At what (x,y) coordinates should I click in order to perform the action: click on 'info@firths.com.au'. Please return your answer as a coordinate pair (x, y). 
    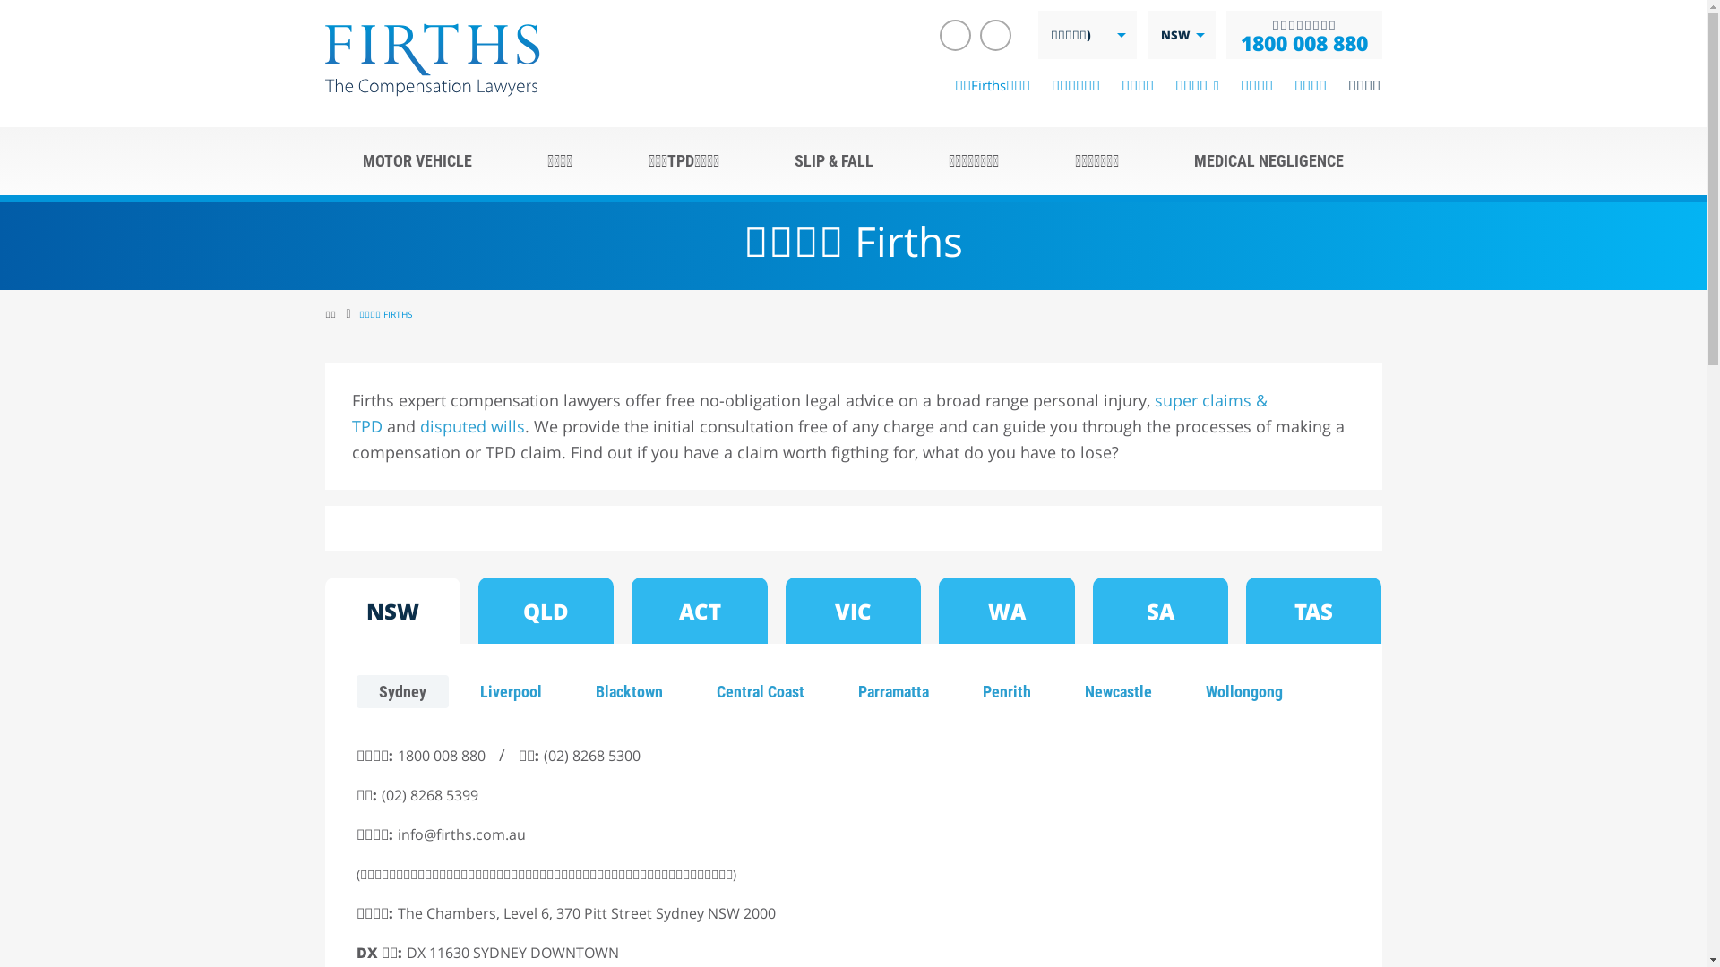
    Looking at the image, I should click on (461, 834).